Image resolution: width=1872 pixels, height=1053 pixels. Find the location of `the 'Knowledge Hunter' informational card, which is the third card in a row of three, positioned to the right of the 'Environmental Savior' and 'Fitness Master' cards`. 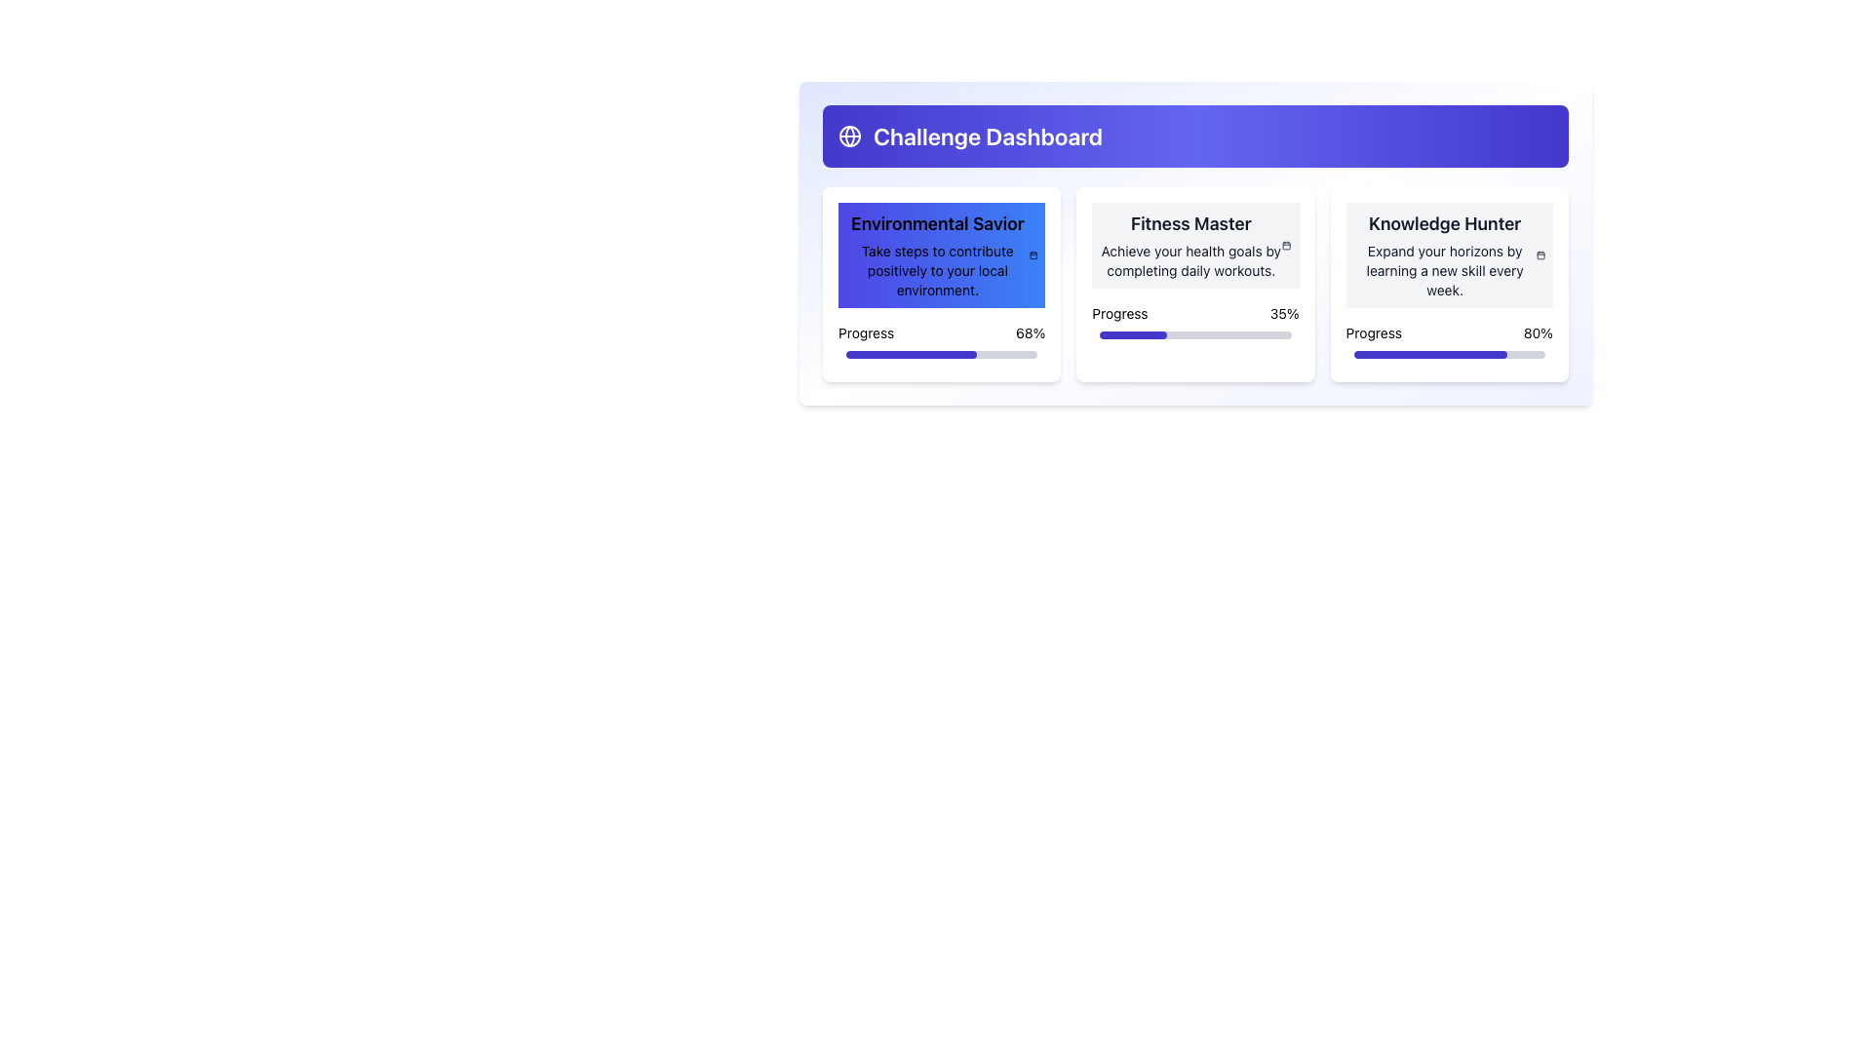

the 'Knowledge Hunter' informational card, which is the third card in a row of three, positioned to the right of the 'Environmental Savior' and 'Fitness Master' cards is located at coordinates (1449, 285).